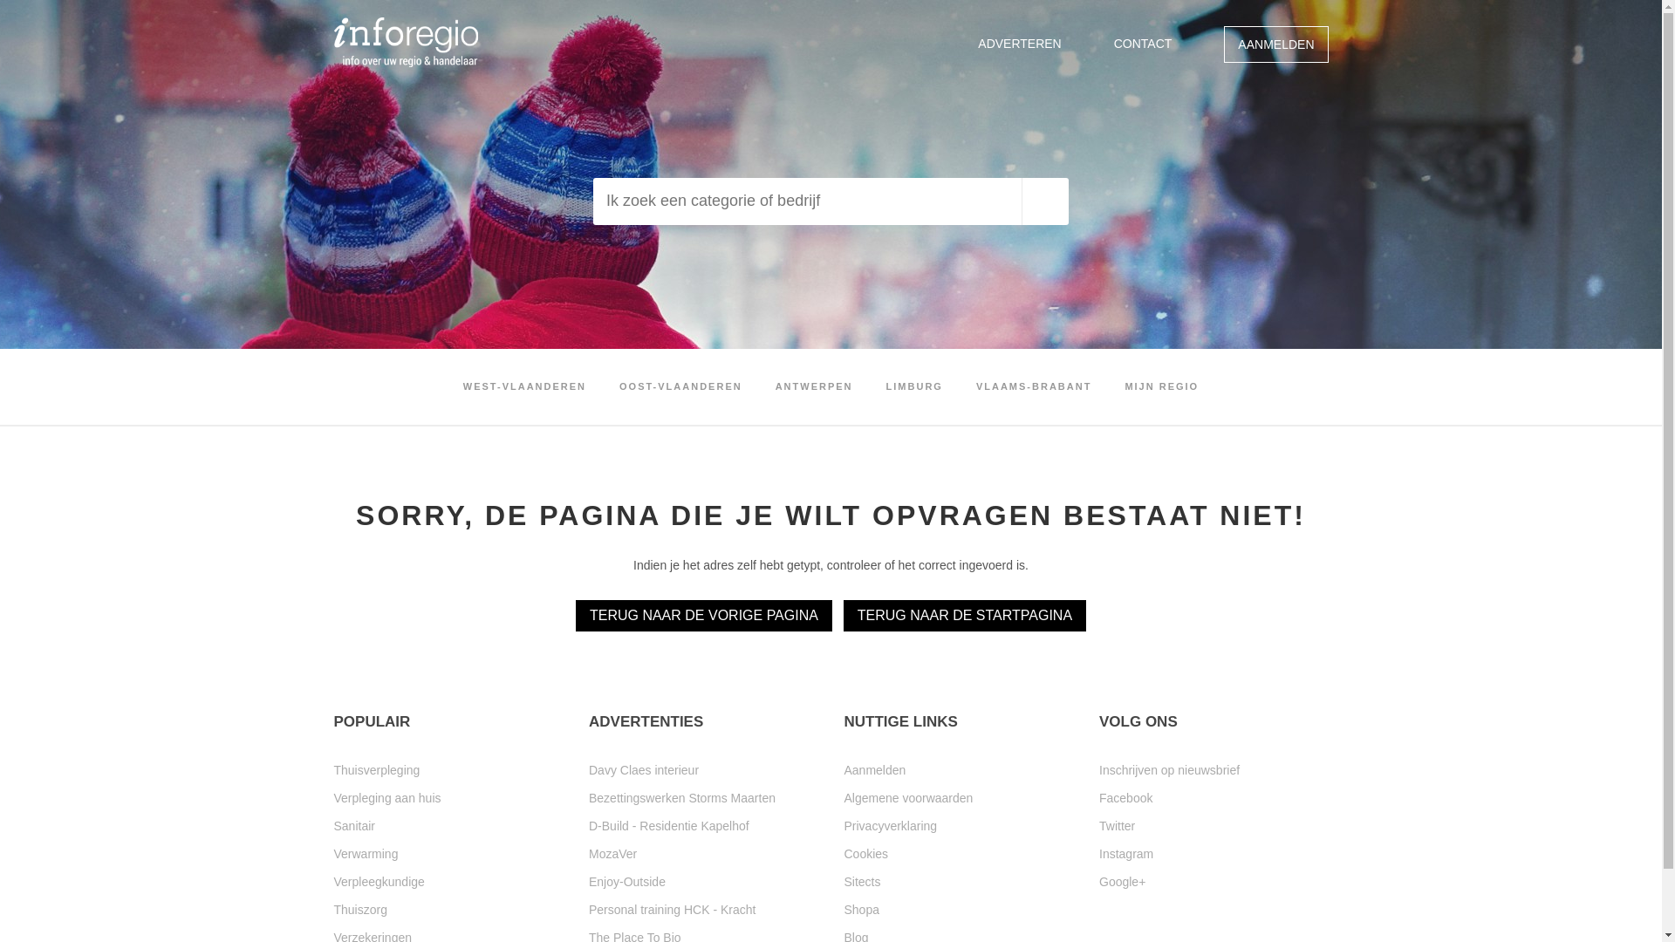  Describe the element at coordinates (1213, 769) in the screenshot. I see `'Inschrijven op nieuwsbrief'` at that location.